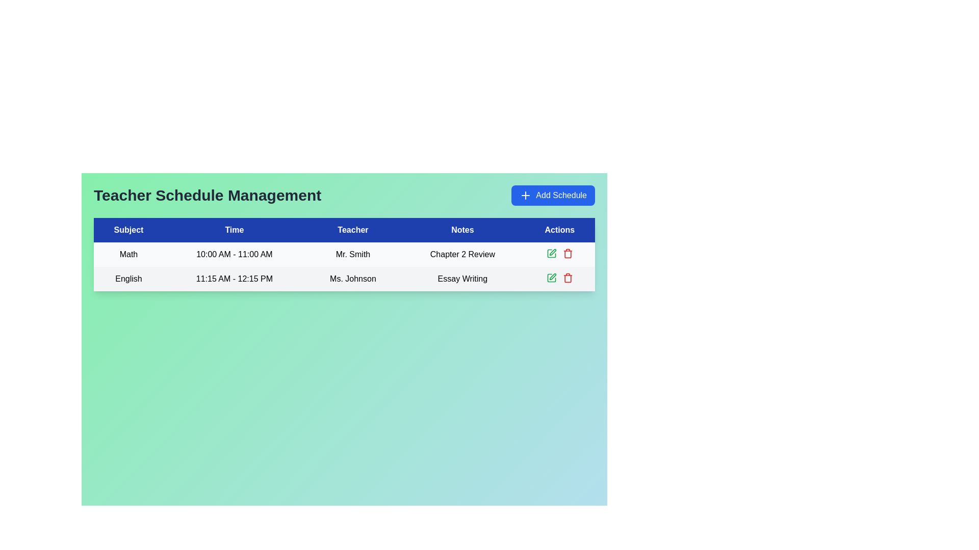  I want to click on the Icon Button that resembles a pen and square, located in the 'Actions' column of the second row of a two-row table, so click(551, 253).